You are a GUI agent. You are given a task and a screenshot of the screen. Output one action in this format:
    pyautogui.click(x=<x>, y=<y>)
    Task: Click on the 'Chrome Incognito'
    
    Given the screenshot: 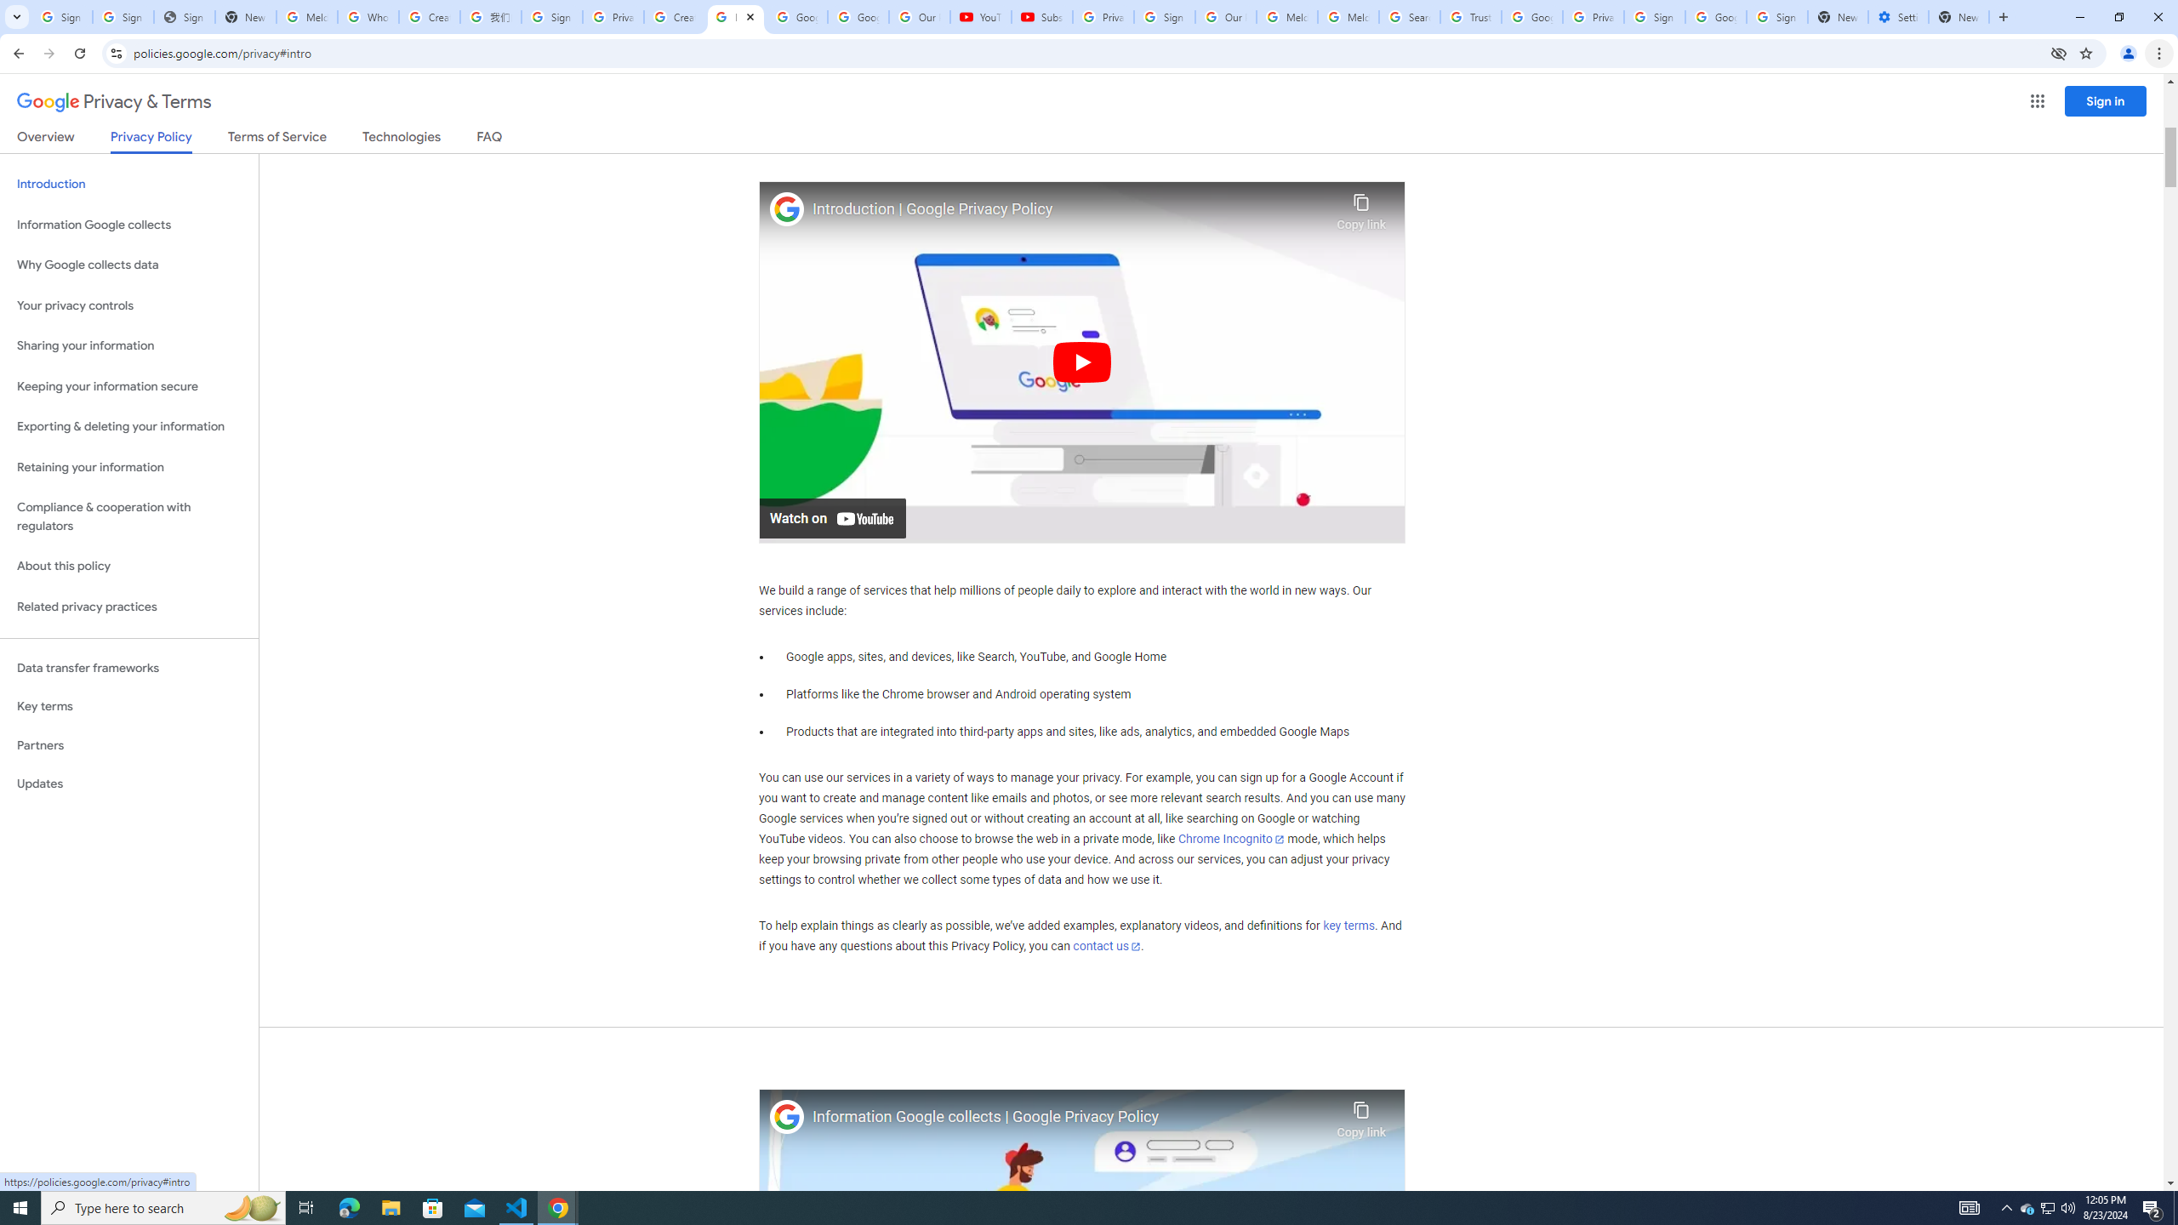 What is the action you would take?
    pyautogui.click(x=1231, y=840)
    